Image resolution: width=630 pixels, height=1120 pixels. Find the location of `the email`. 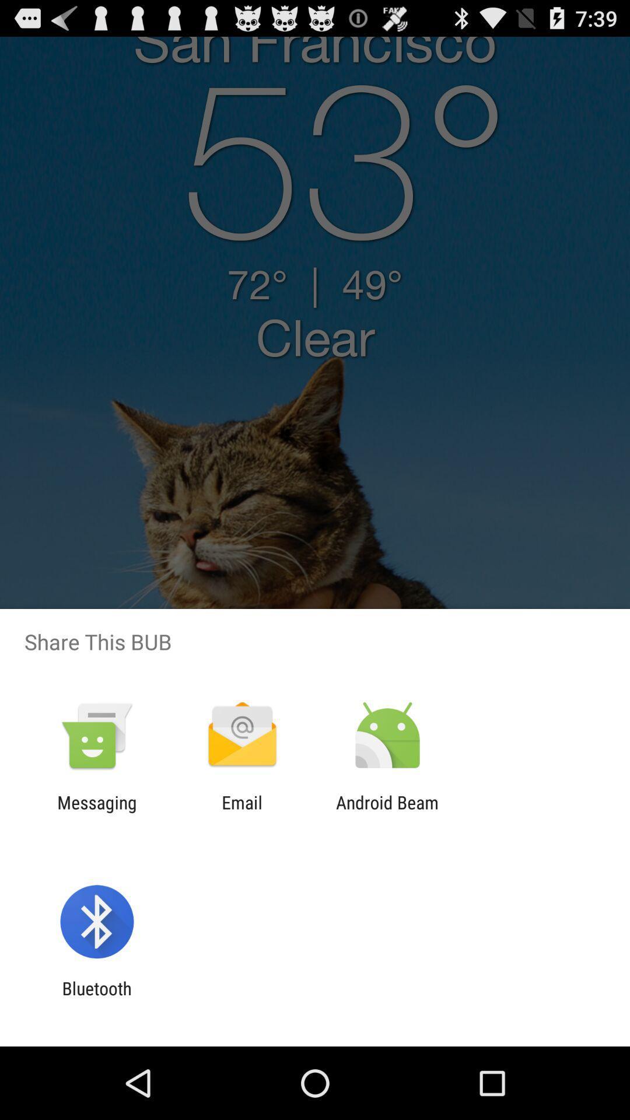

the email is located at coordinates (242, 812).